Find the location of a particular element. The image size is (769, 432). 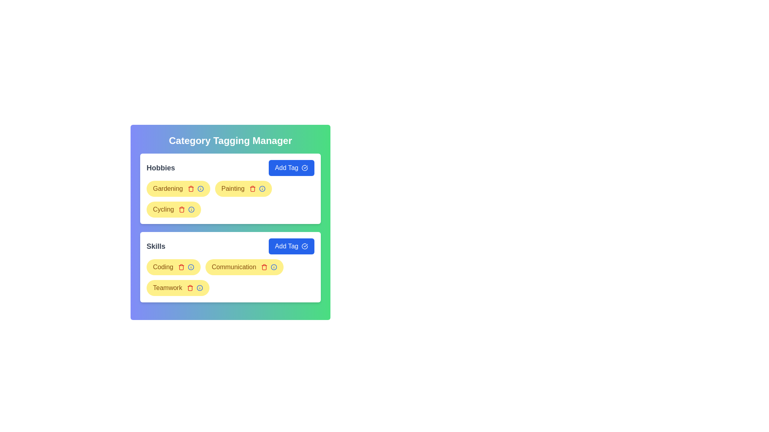

the info icon button located to the right of the 'Teamwork' text and trash bin icon is located at coordinates (199, 288).